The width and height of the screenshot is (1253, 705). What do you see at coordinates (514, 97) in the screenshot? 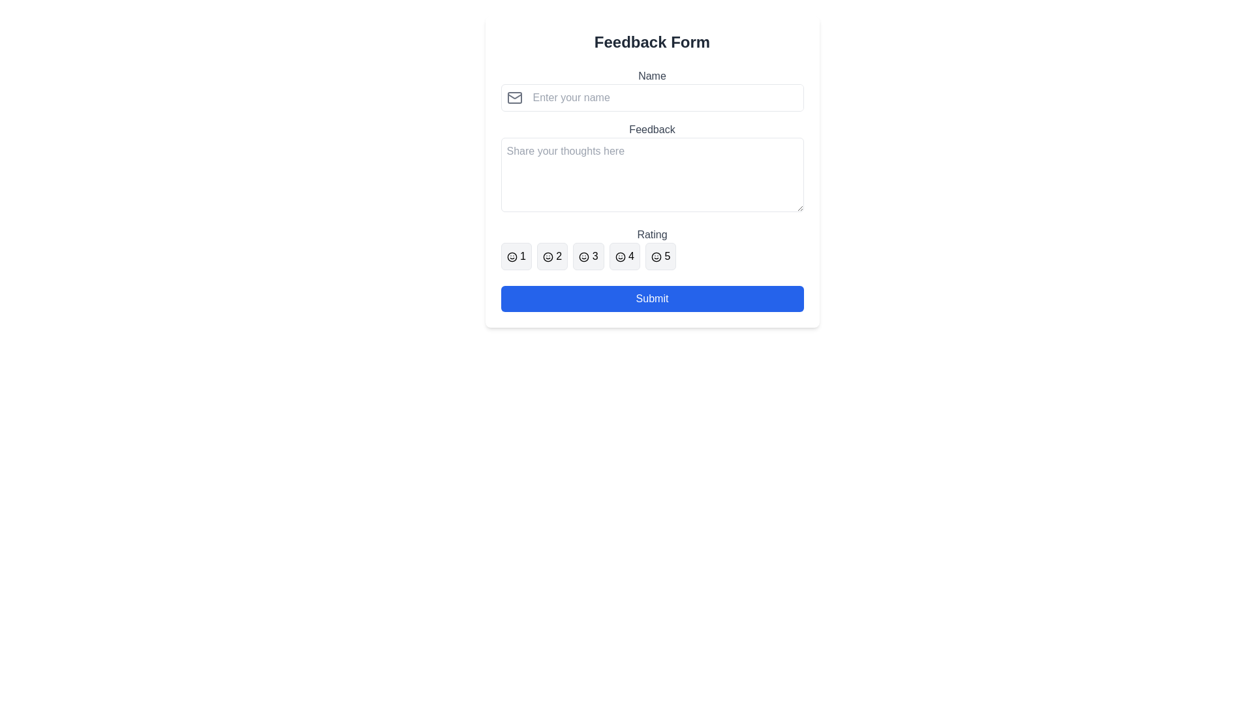
I see `the mail icon located on the left side of the 'Name' input field in the feedback form` at bounding box center [514, 97].